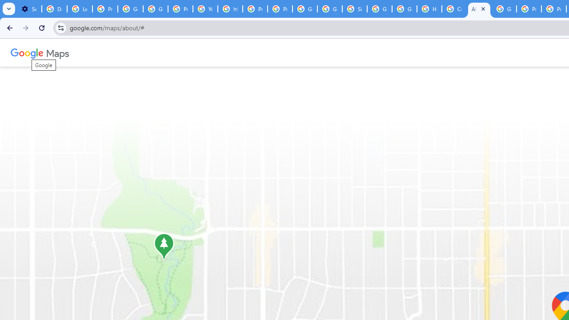 The image size is (569, 320). I want to click on 'Create your Google Account', so click(454, 9).